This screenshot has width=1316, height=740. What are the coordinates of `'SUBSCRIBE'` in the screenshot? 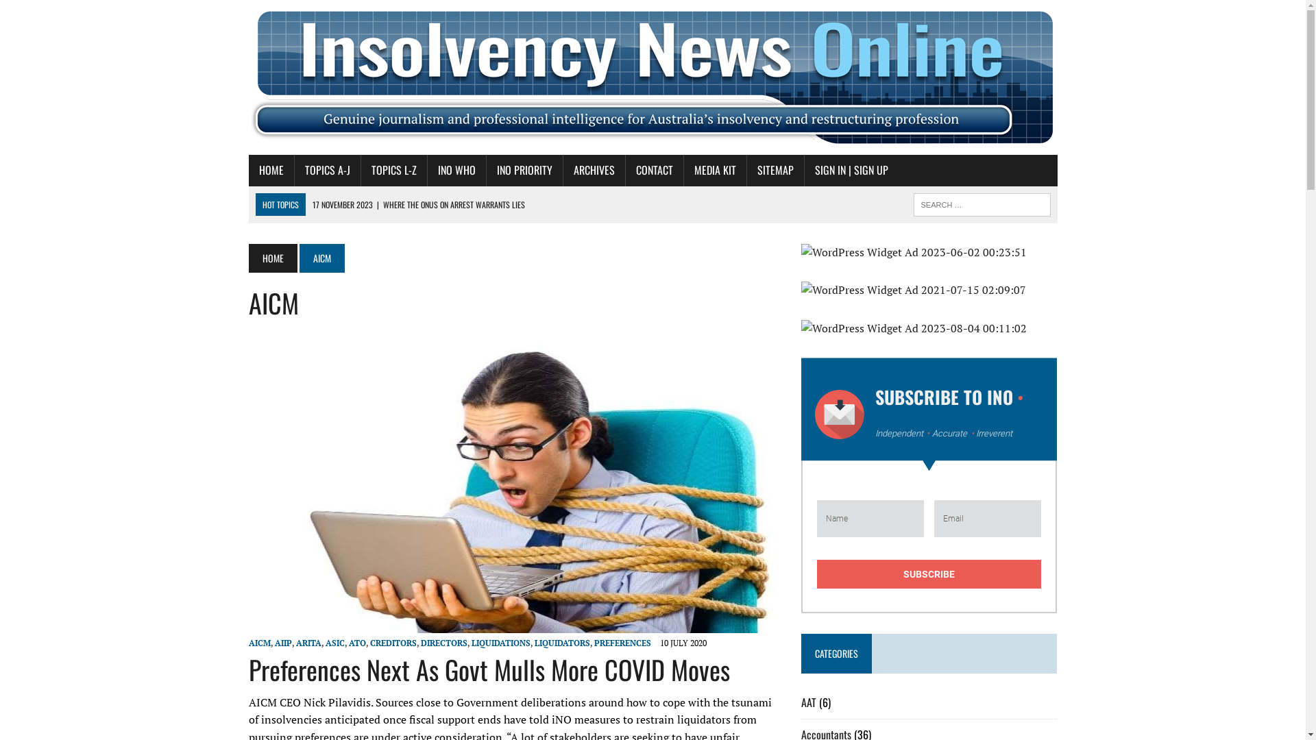 It's located at (929, 573).